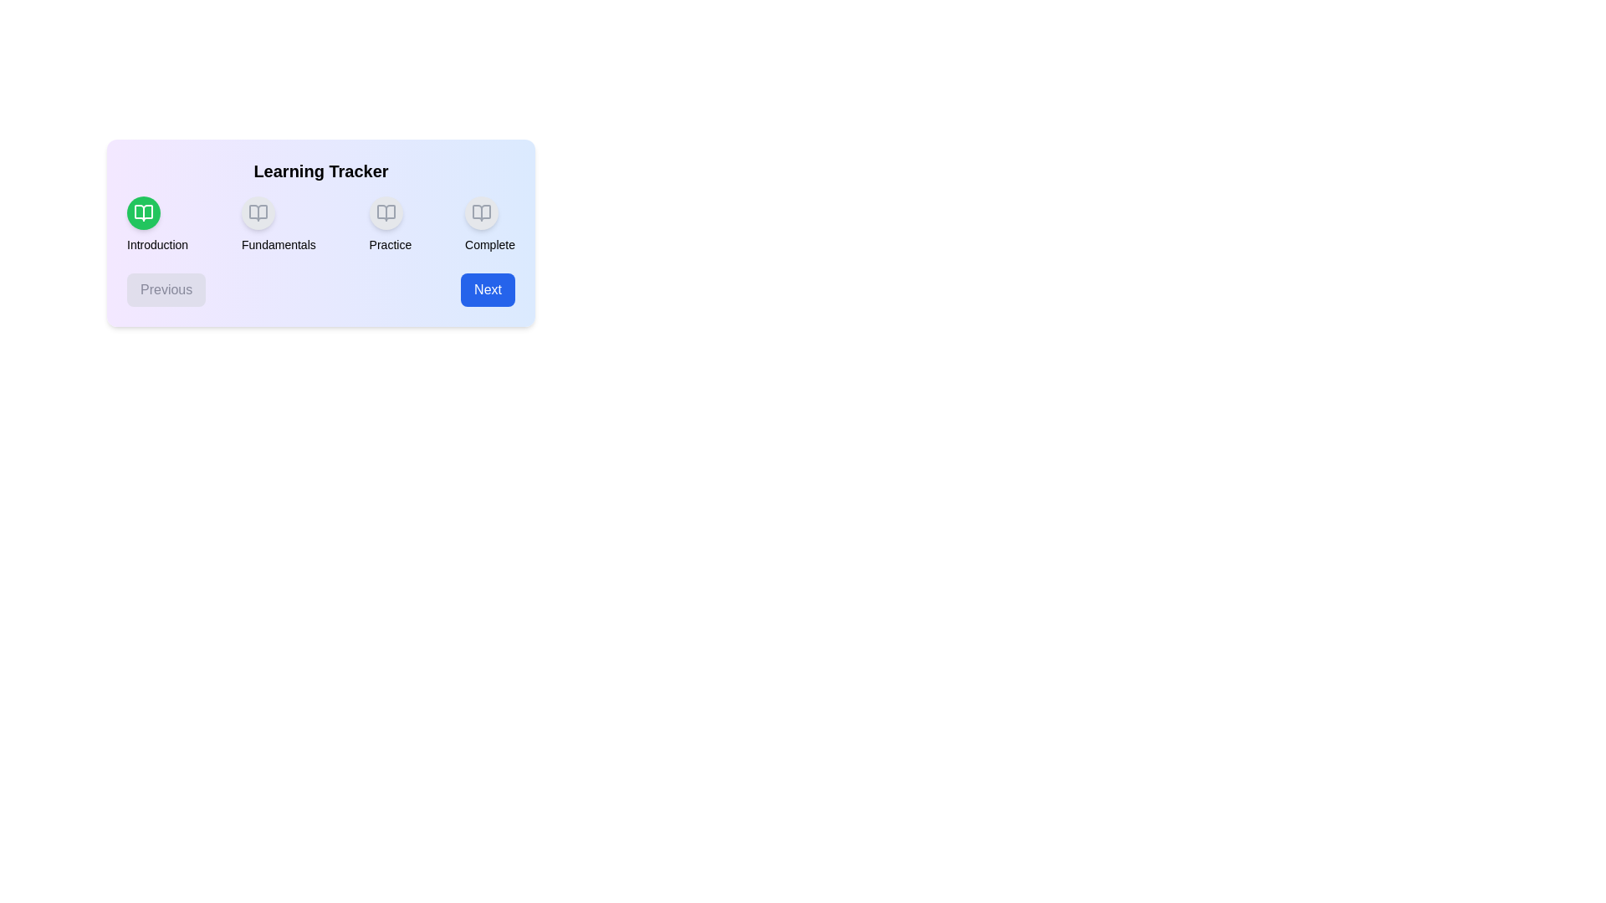  I want to click on the 'Complete' button in the learning tracker interface, which is the fourth icon in a horizontal sequence of icons labeled 'Introduction,' 'Fundamentals,' 'Practice,' and 'Complete.', so click(481, 212).